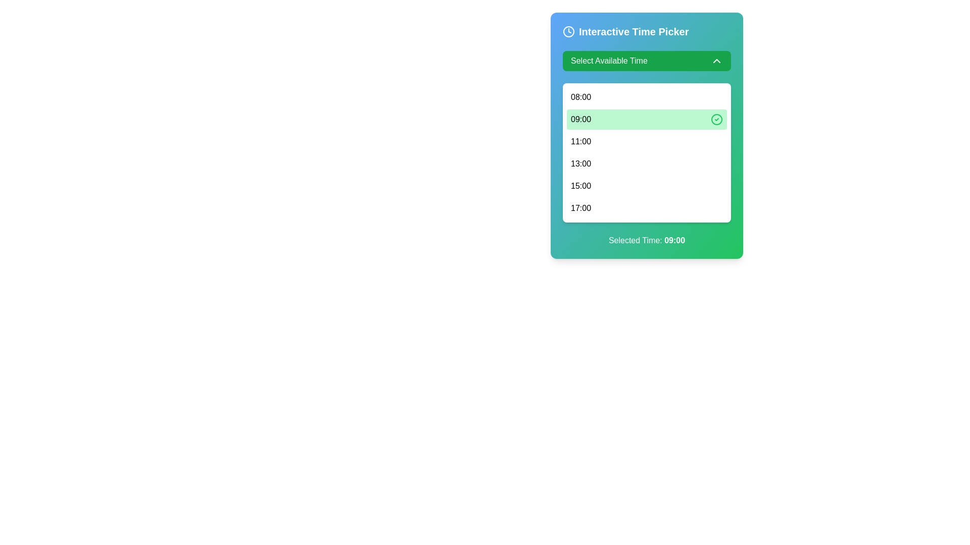  I want to click on the text label located in the top header section of the dropdown menu, which displays the purpose of the dropdown for selecting an available time, so click(608, 61).